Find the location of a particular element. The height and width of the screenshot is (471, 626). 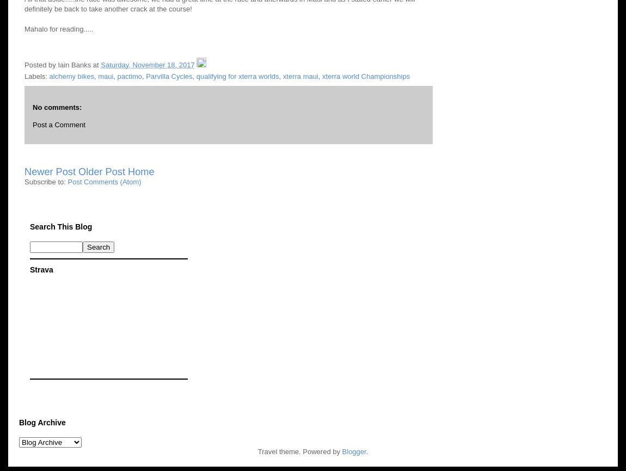

'qualifying for xterra worlds' is located at coordinates (237, 76).